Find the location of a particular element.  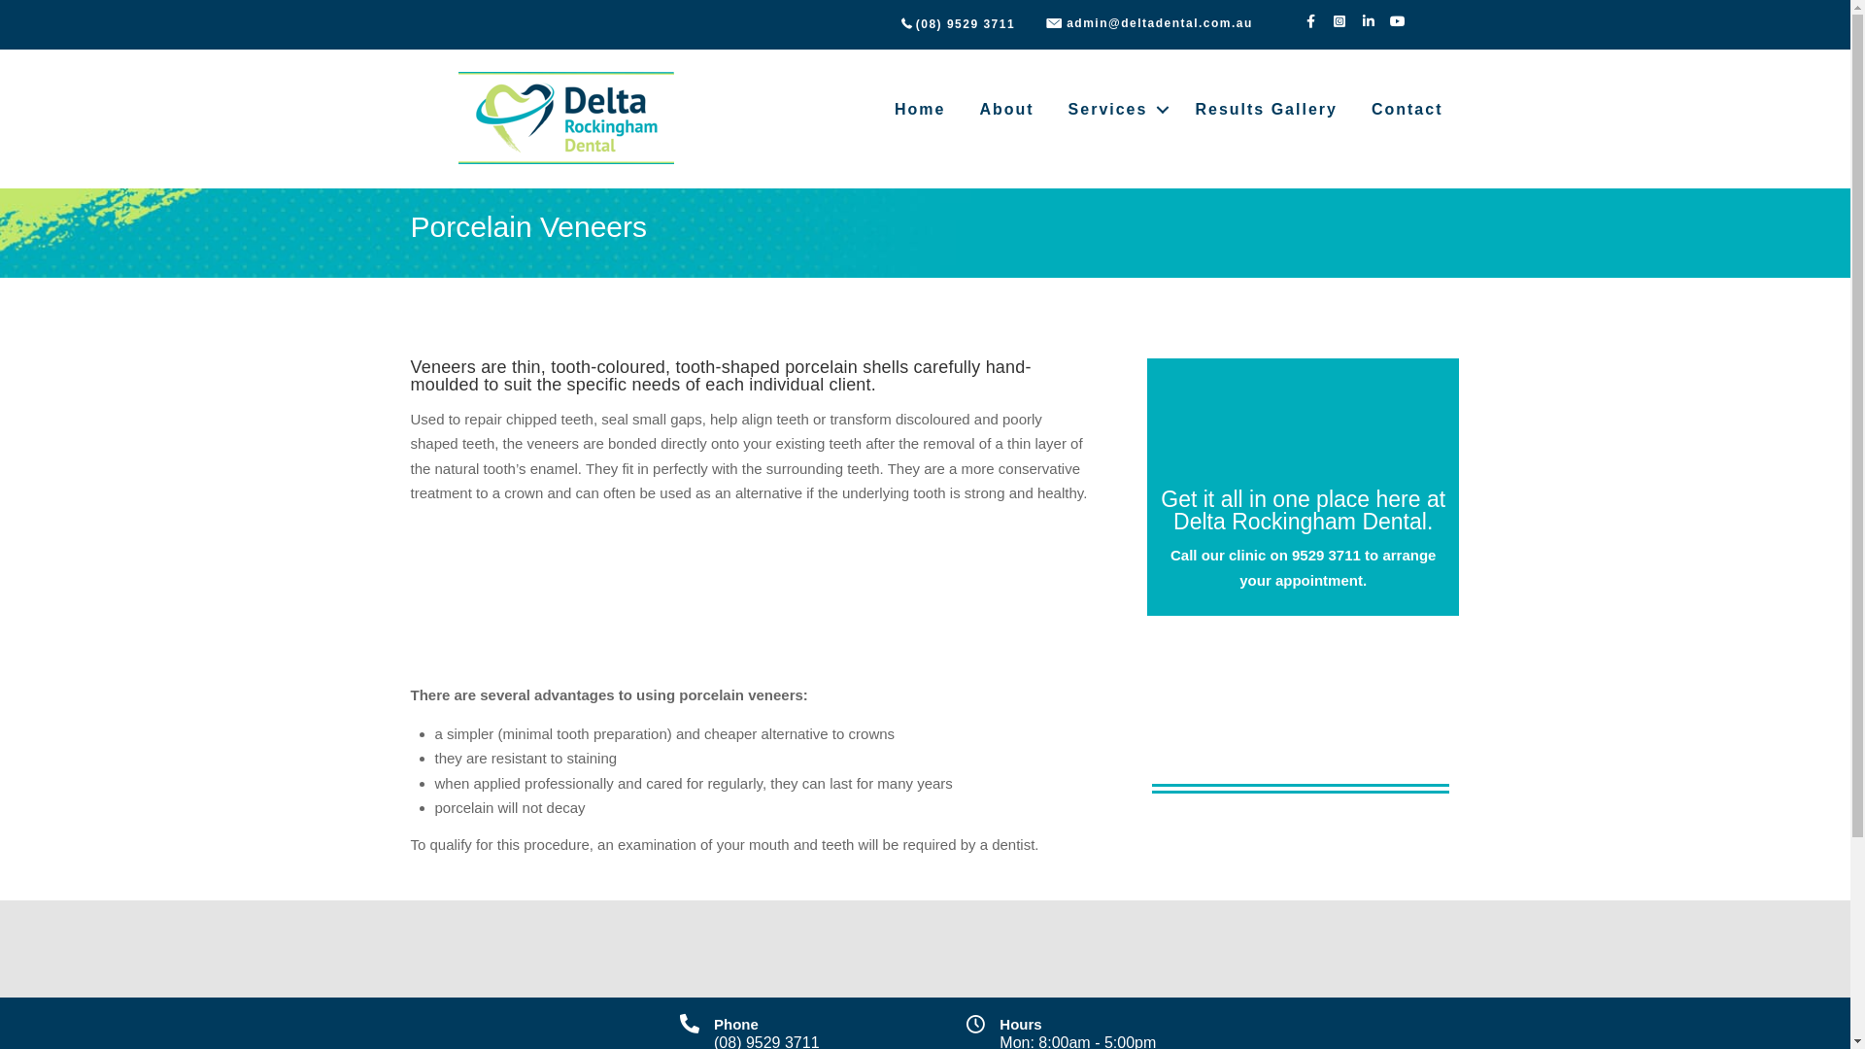

'admin@deltadental.com.au' is located at coordinates (1160, 22).